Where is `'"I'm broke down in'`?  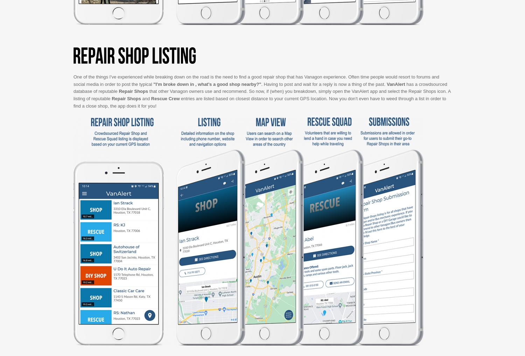 '"I'm broke down in' is located at coordinates (153, 84).